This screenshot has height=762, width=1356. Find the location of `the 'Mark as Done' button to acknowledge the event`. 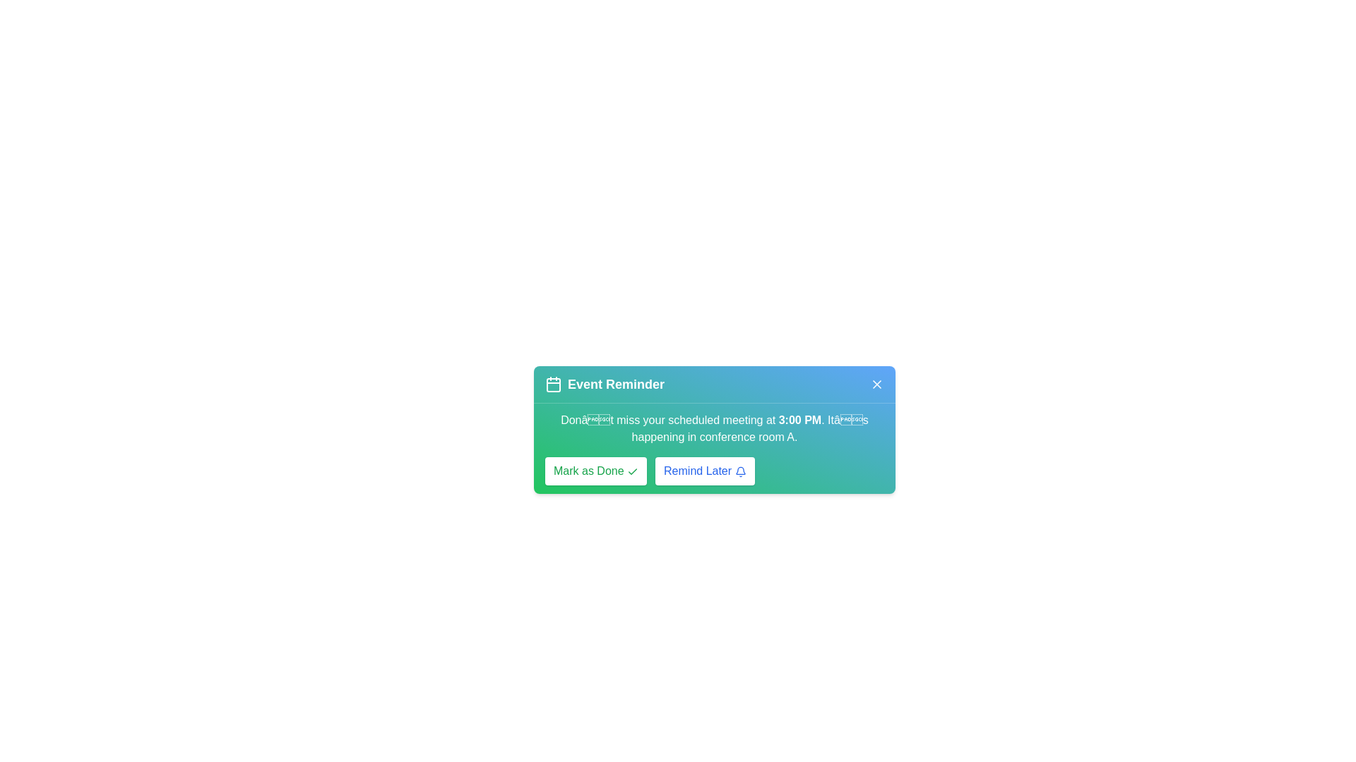

the 'Mark as Done' button to acknowledge the event is located at coordinates (596, 471).